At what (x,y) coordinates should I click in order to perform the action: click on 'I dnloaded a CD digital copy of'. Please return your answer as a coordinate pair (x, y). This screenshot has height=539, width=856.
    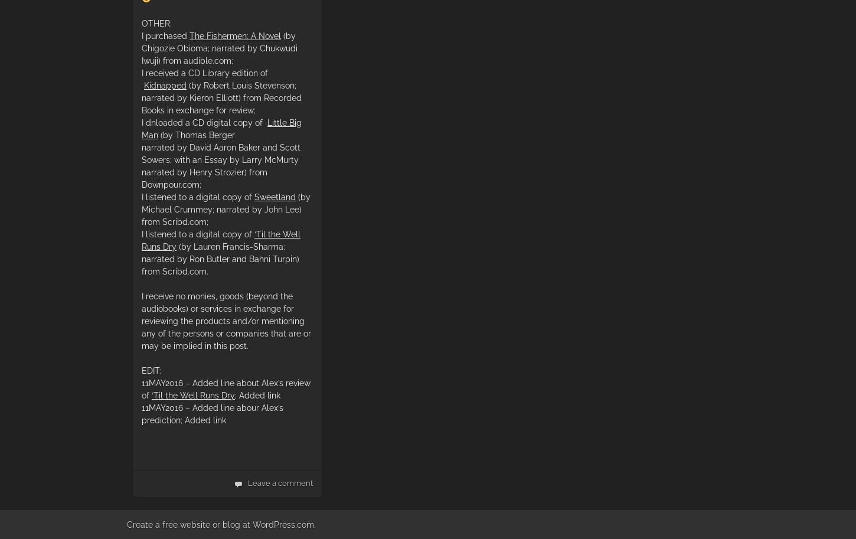
    Looking at the image, I should click on (204, 122).